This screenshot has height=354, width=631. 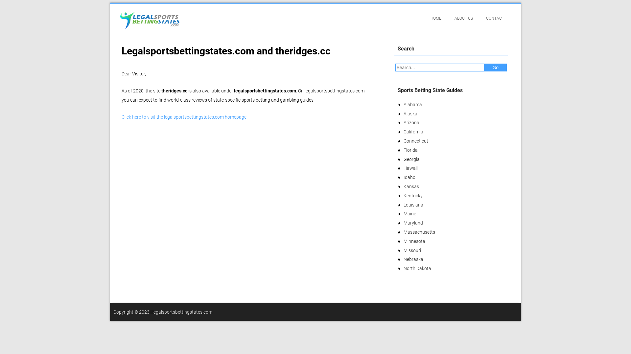 I want to click on 'Go', so click(x=495, y=67).